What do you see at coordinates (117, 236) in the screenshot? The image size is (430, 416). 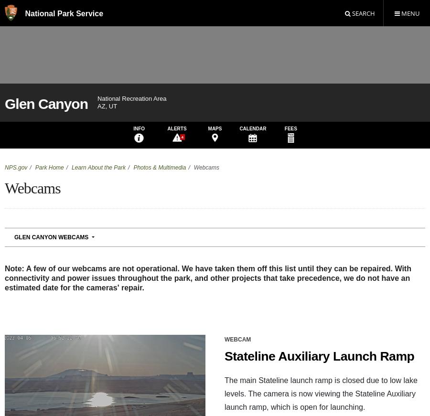 I see `'Yes'` at bounding box center [117, 236].